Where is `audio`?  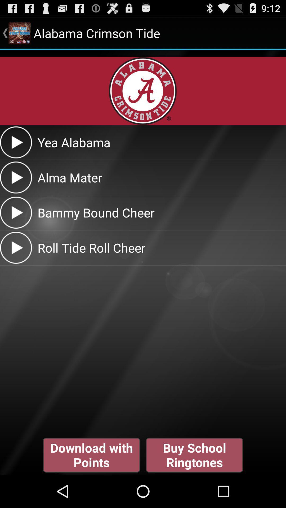 audio is located at coordinates (16, 142).